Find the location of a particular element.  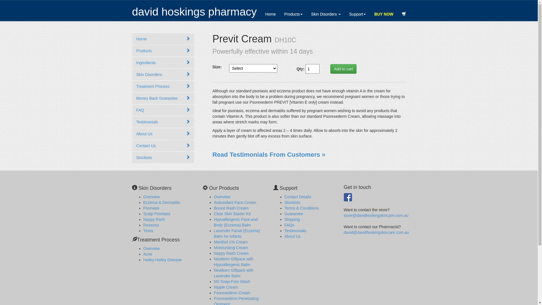

'Skin Disorders' is located at coordinates (326, 14).